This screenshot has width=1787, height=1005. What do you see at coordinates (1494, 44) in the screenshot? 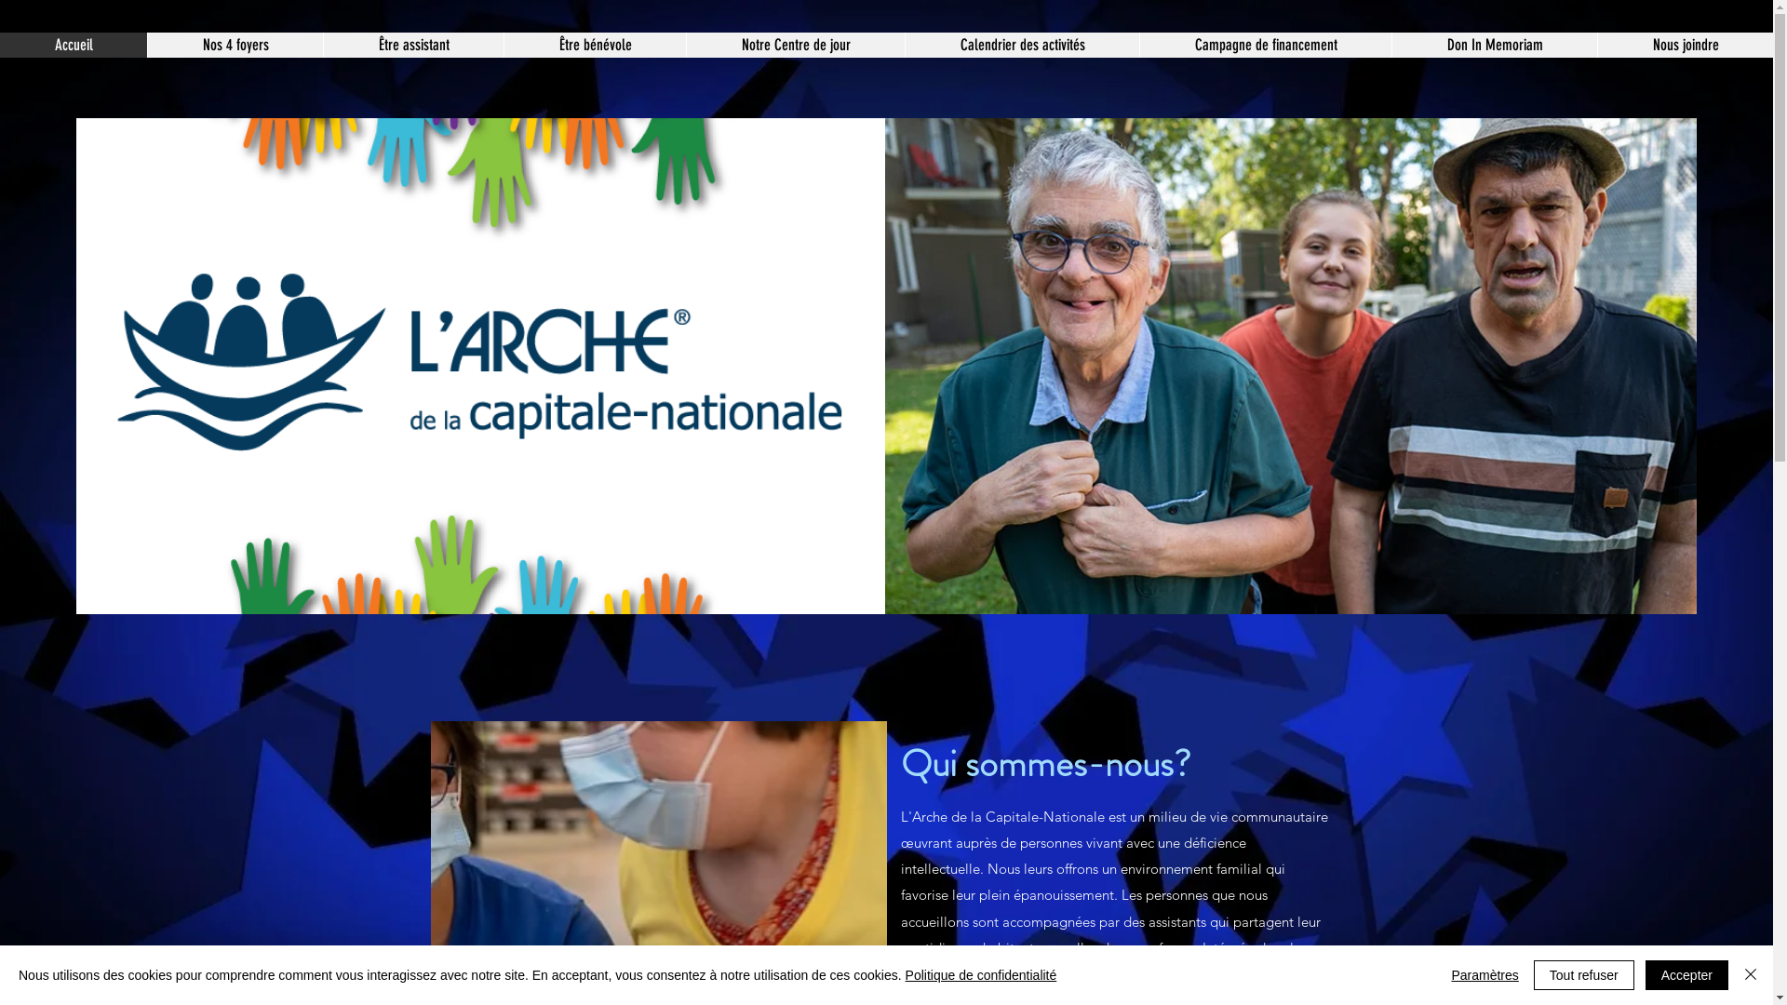
I see `'Don In Memoriam'` at bounding box center [1494, 44].